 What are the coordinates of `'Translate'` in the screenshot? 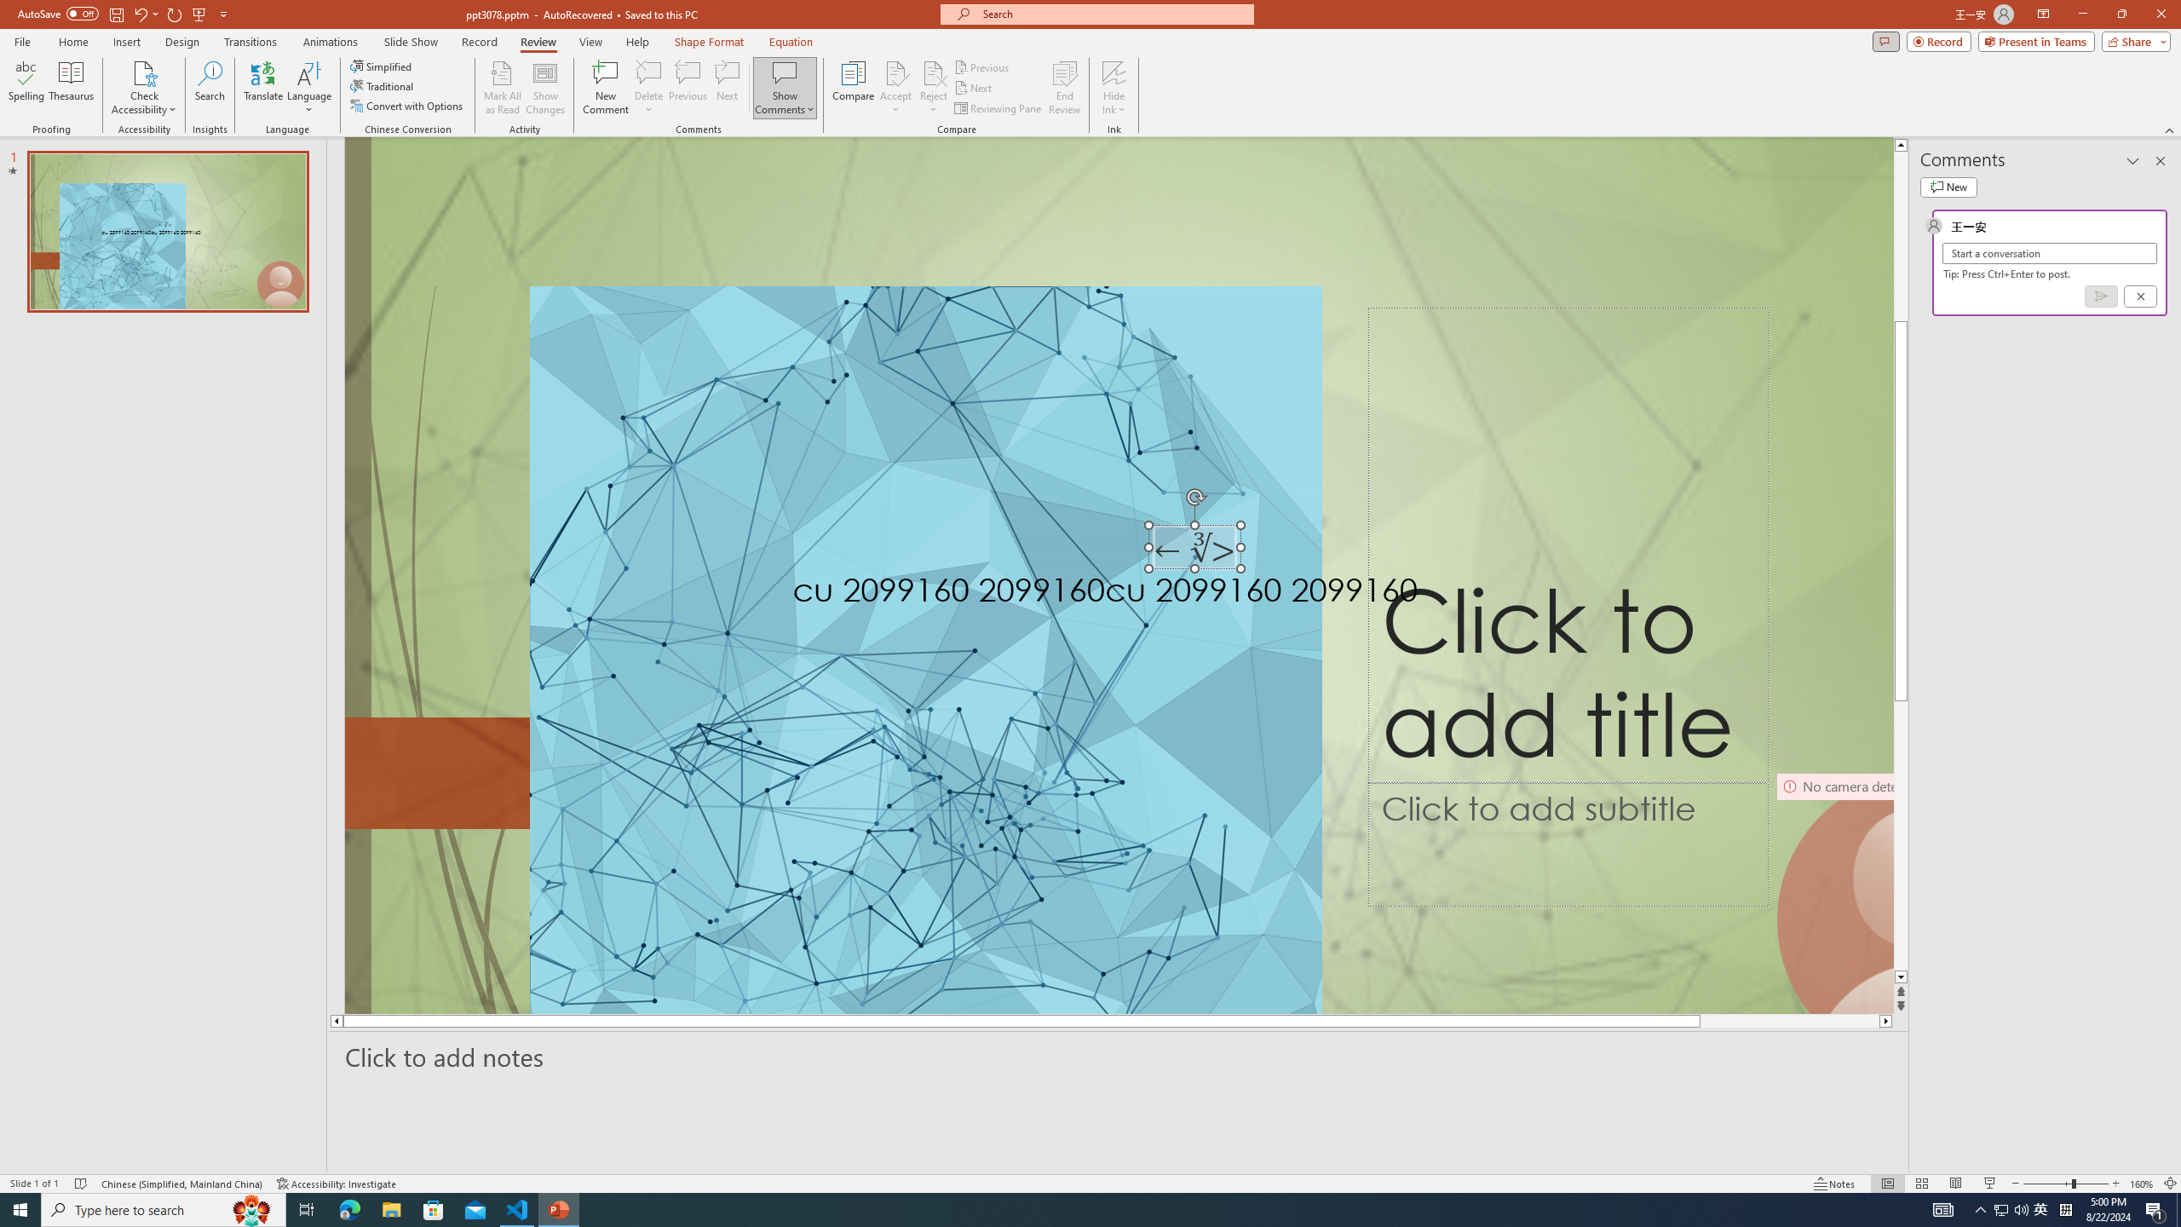 It's located at (263, 88).